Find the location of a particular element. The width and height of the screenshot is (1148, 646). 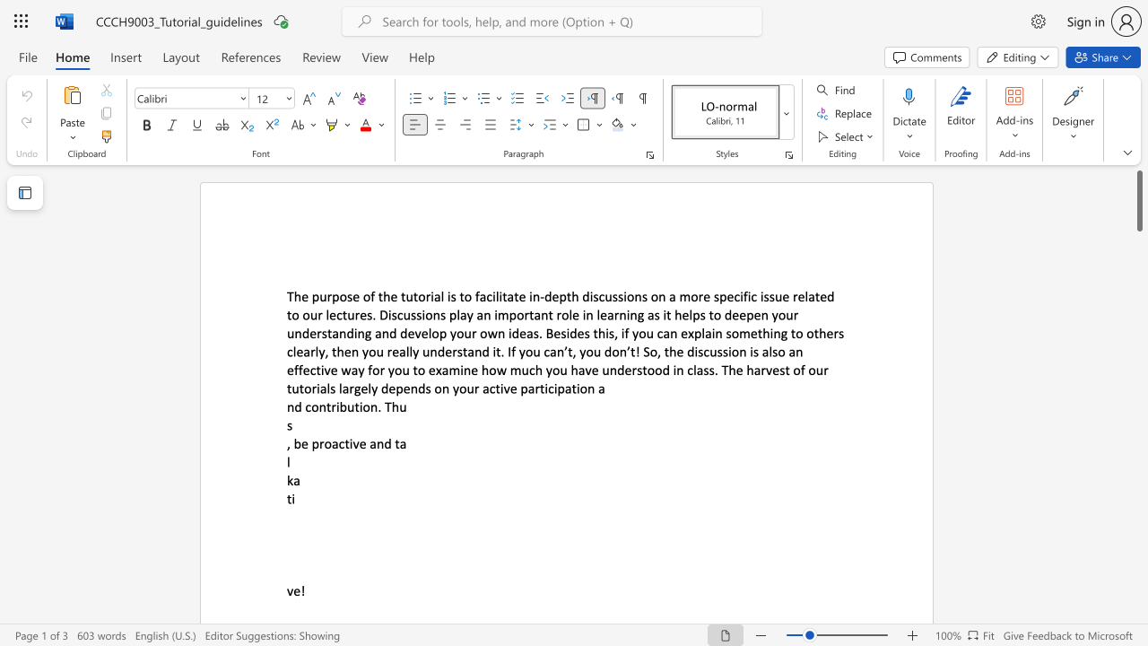

the right-hand scrollbar to descend the page is located at coordinates (1138, 251).